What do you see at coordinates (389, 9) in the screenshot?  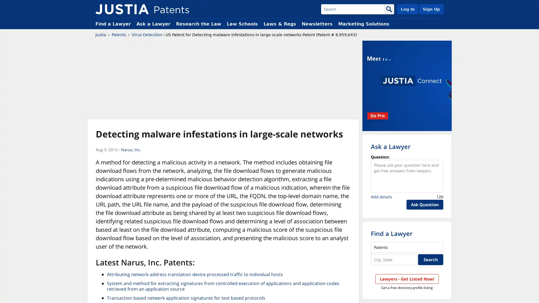 I see `search` at bounding box center [389, 9].